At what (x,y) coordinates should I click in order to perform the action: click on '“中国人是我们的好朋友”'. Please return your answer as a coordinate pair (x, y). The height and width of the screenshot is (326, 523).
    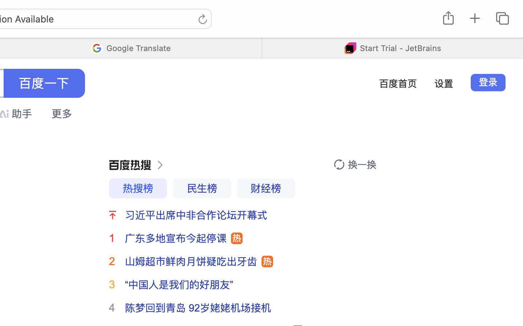
    Looking at the image, I should click on (179, 284).